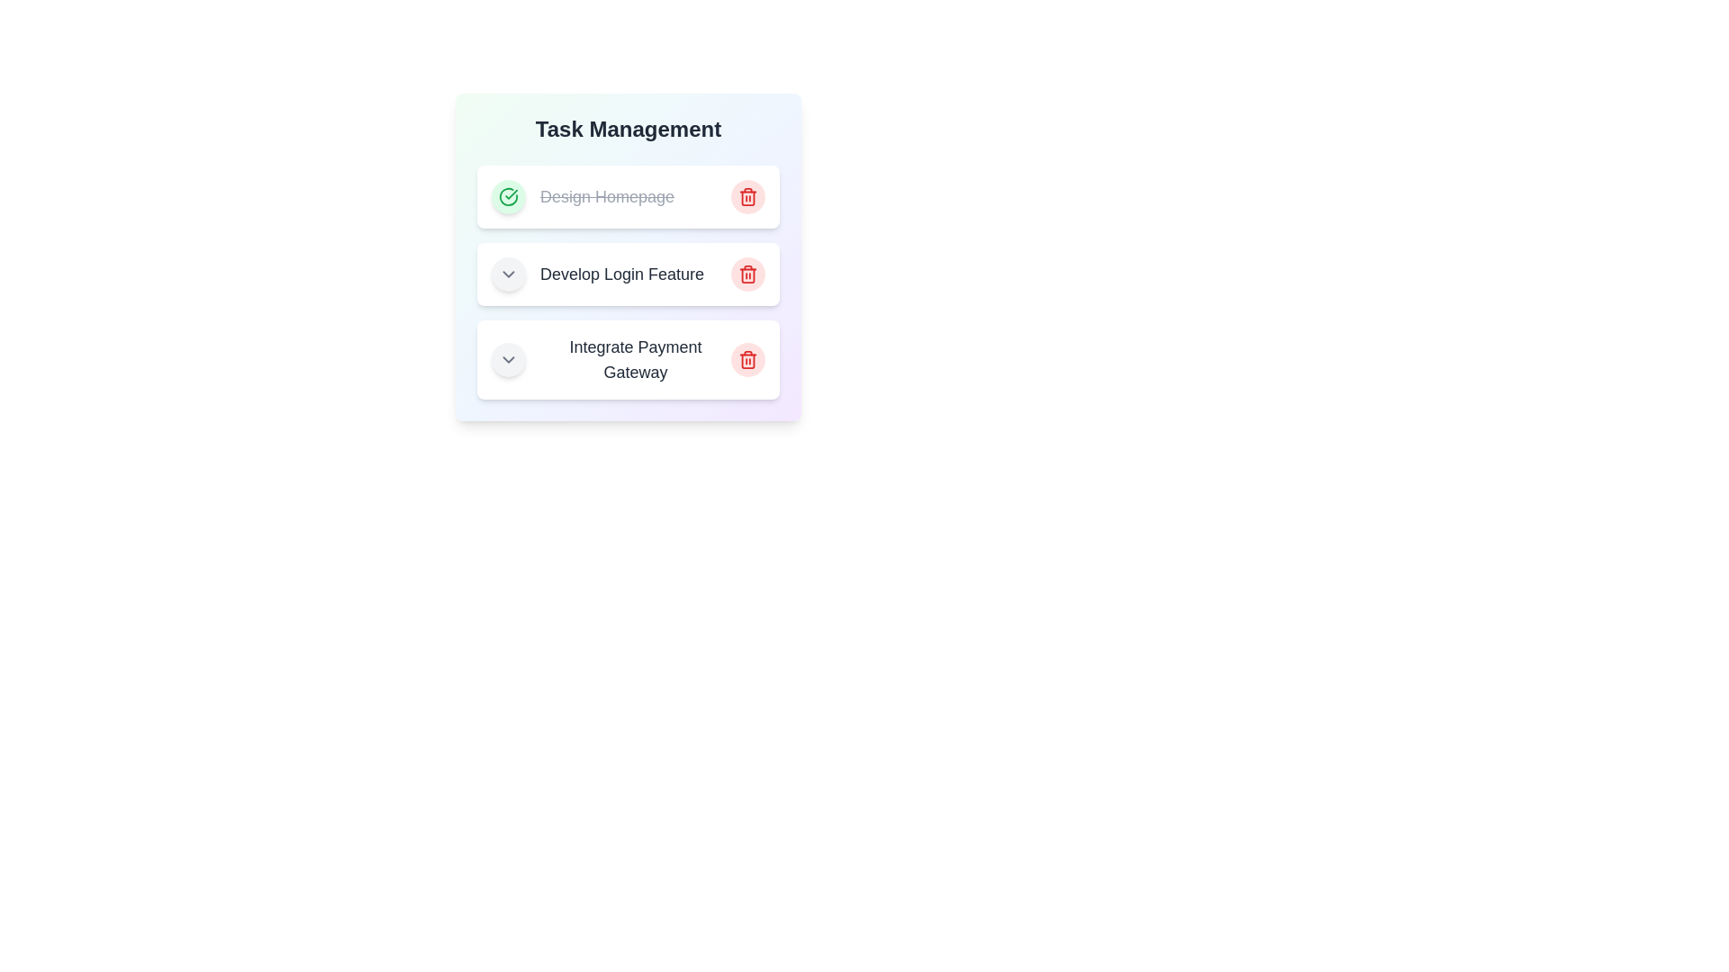 This screenshot has height=972, width=1729. What do you see at coordinates (747, 360) in the screenshot?
I see `the delete button for the task 'Integrate Payment Gateway'` at bounding box center [747, 360].